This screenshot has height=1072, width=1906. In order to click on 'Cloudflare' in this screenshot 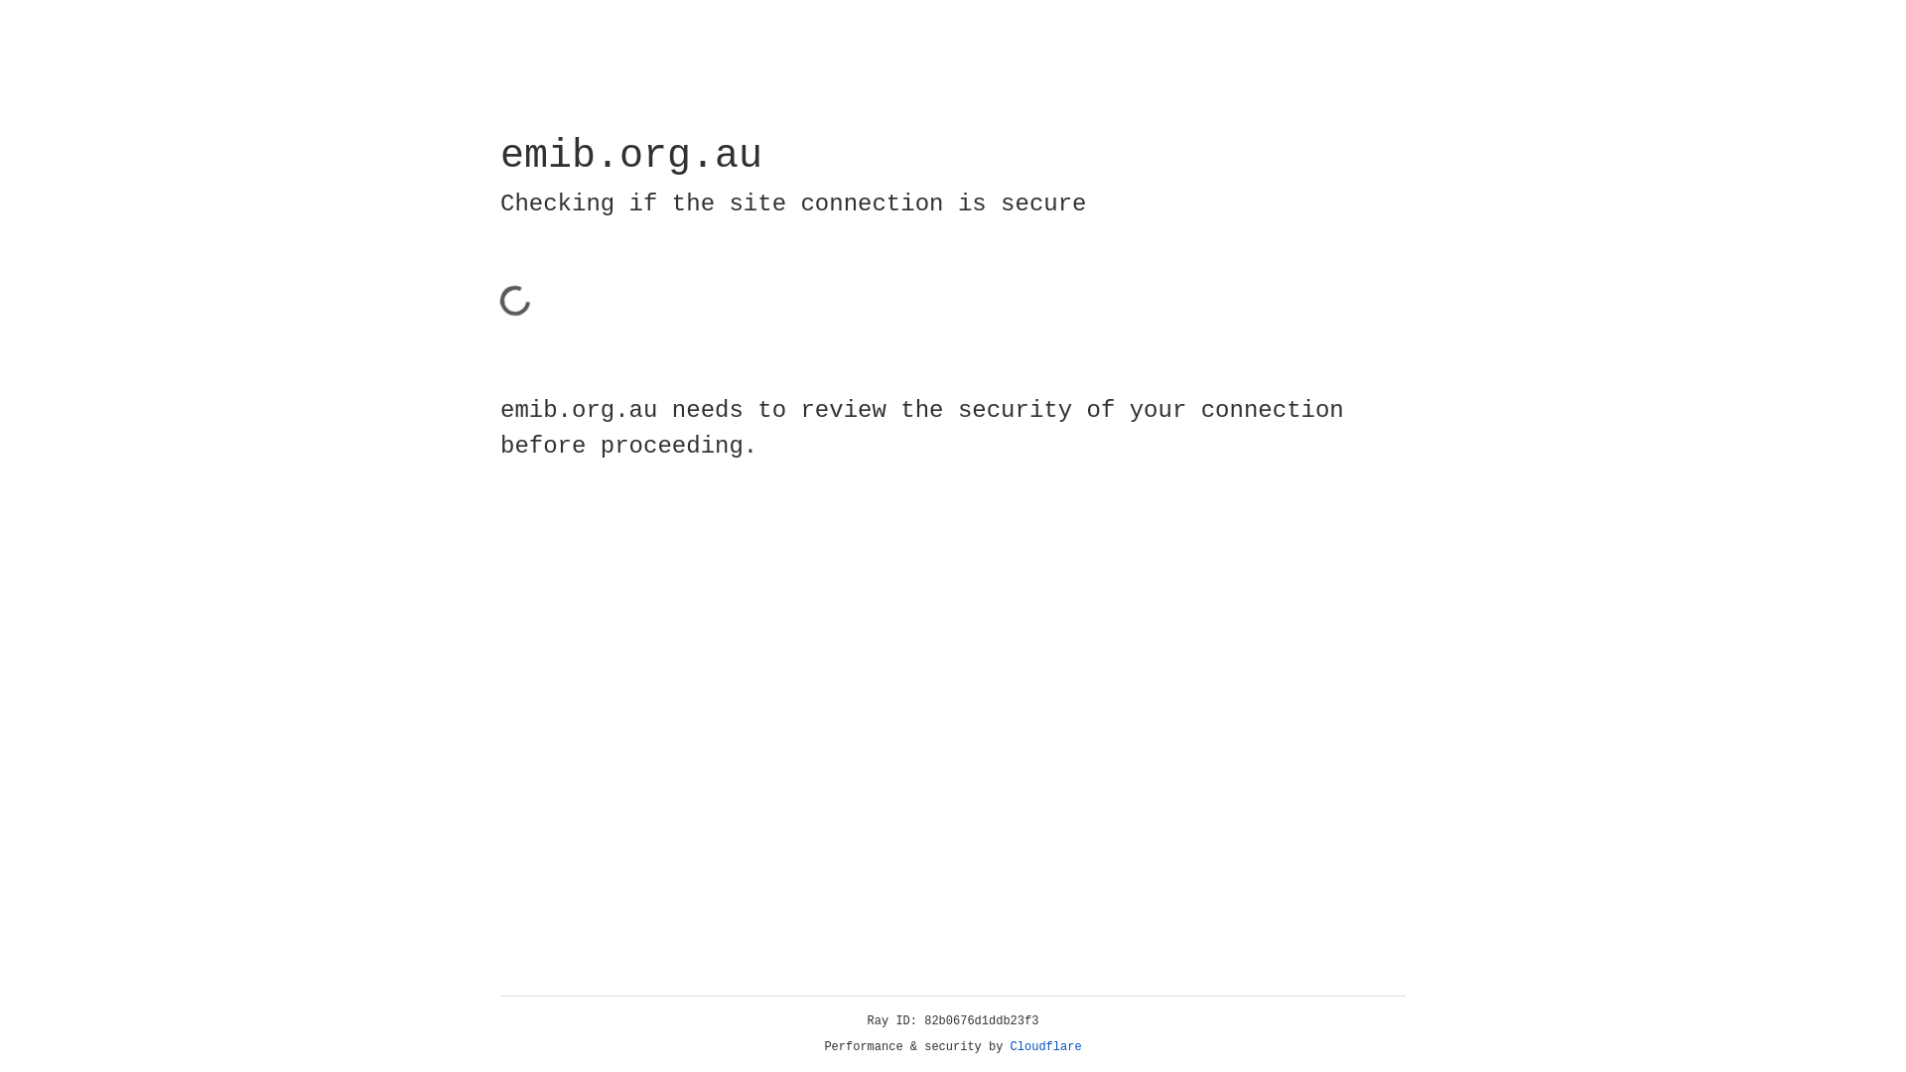, I will do `click(1045, 1046)`.